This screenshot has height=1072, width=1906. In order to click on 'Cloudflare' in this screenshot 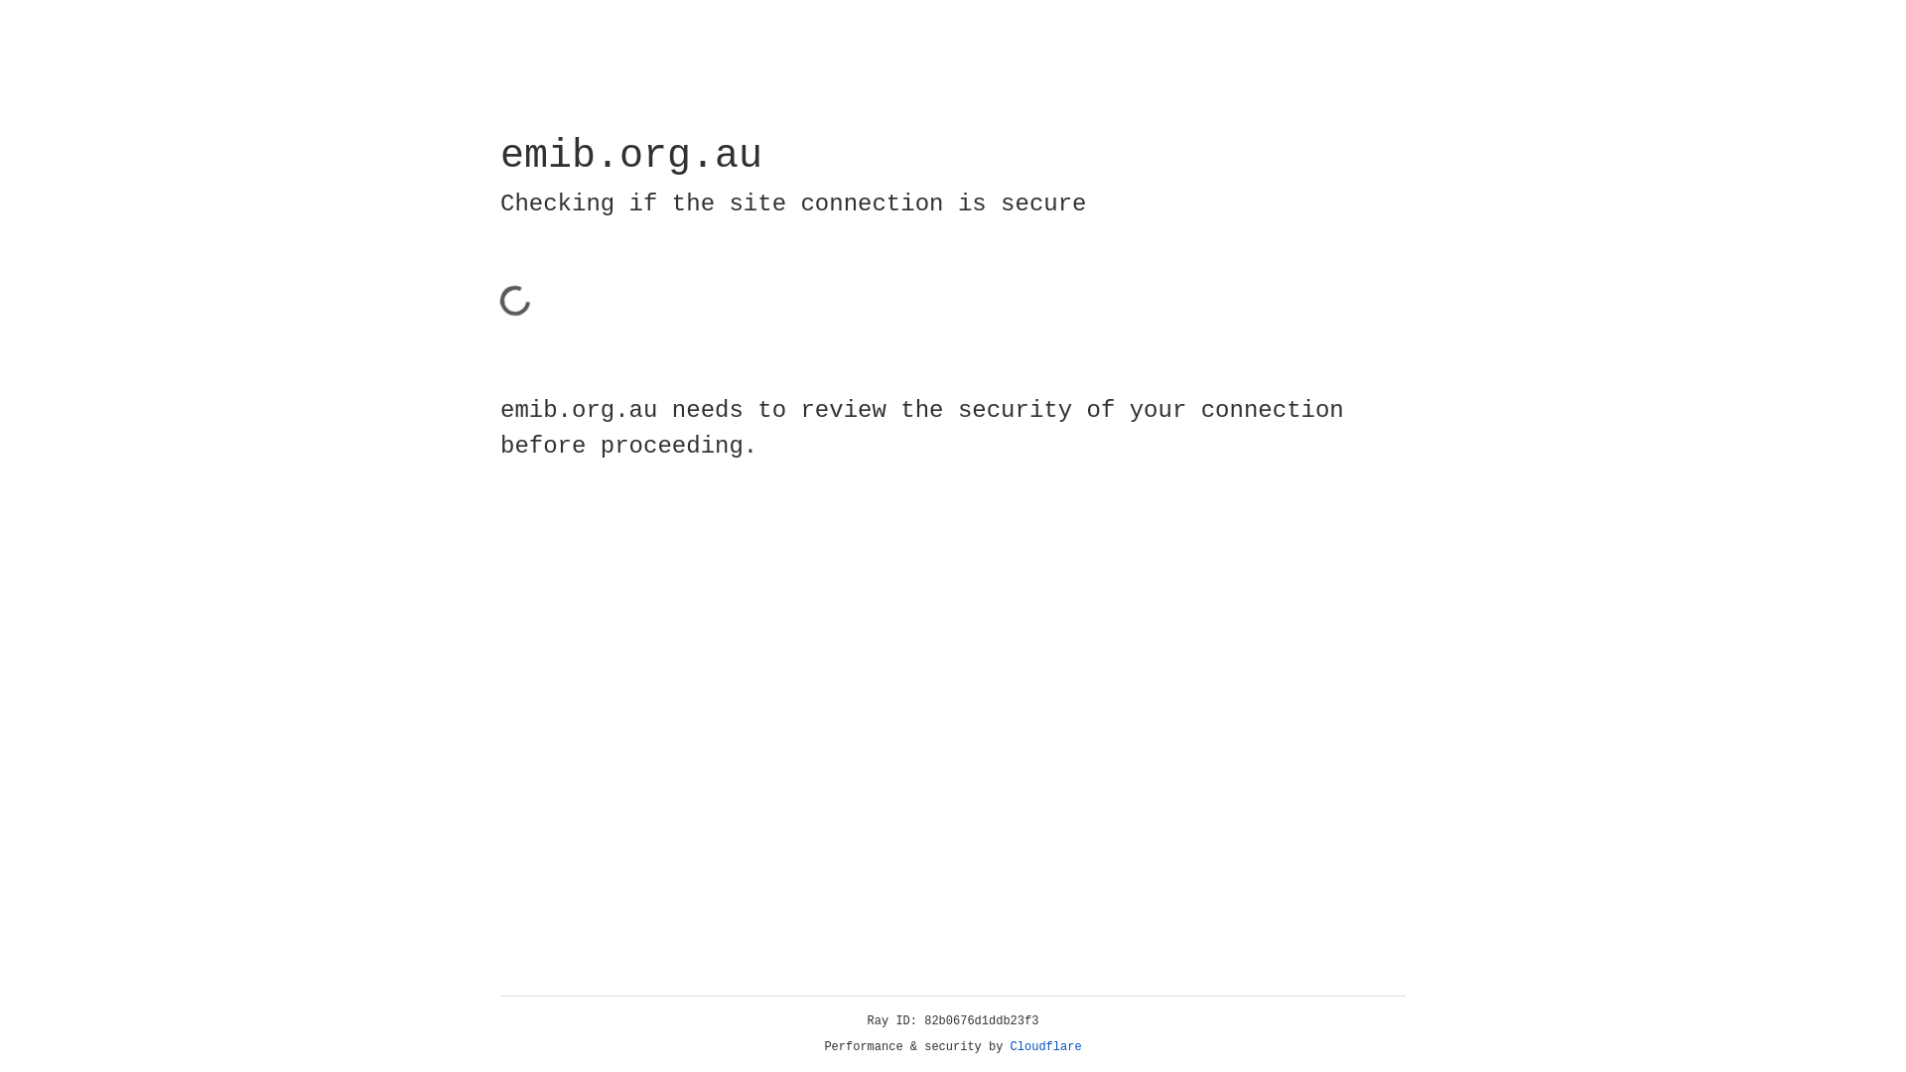, I will do `click(1045, 1046)`.